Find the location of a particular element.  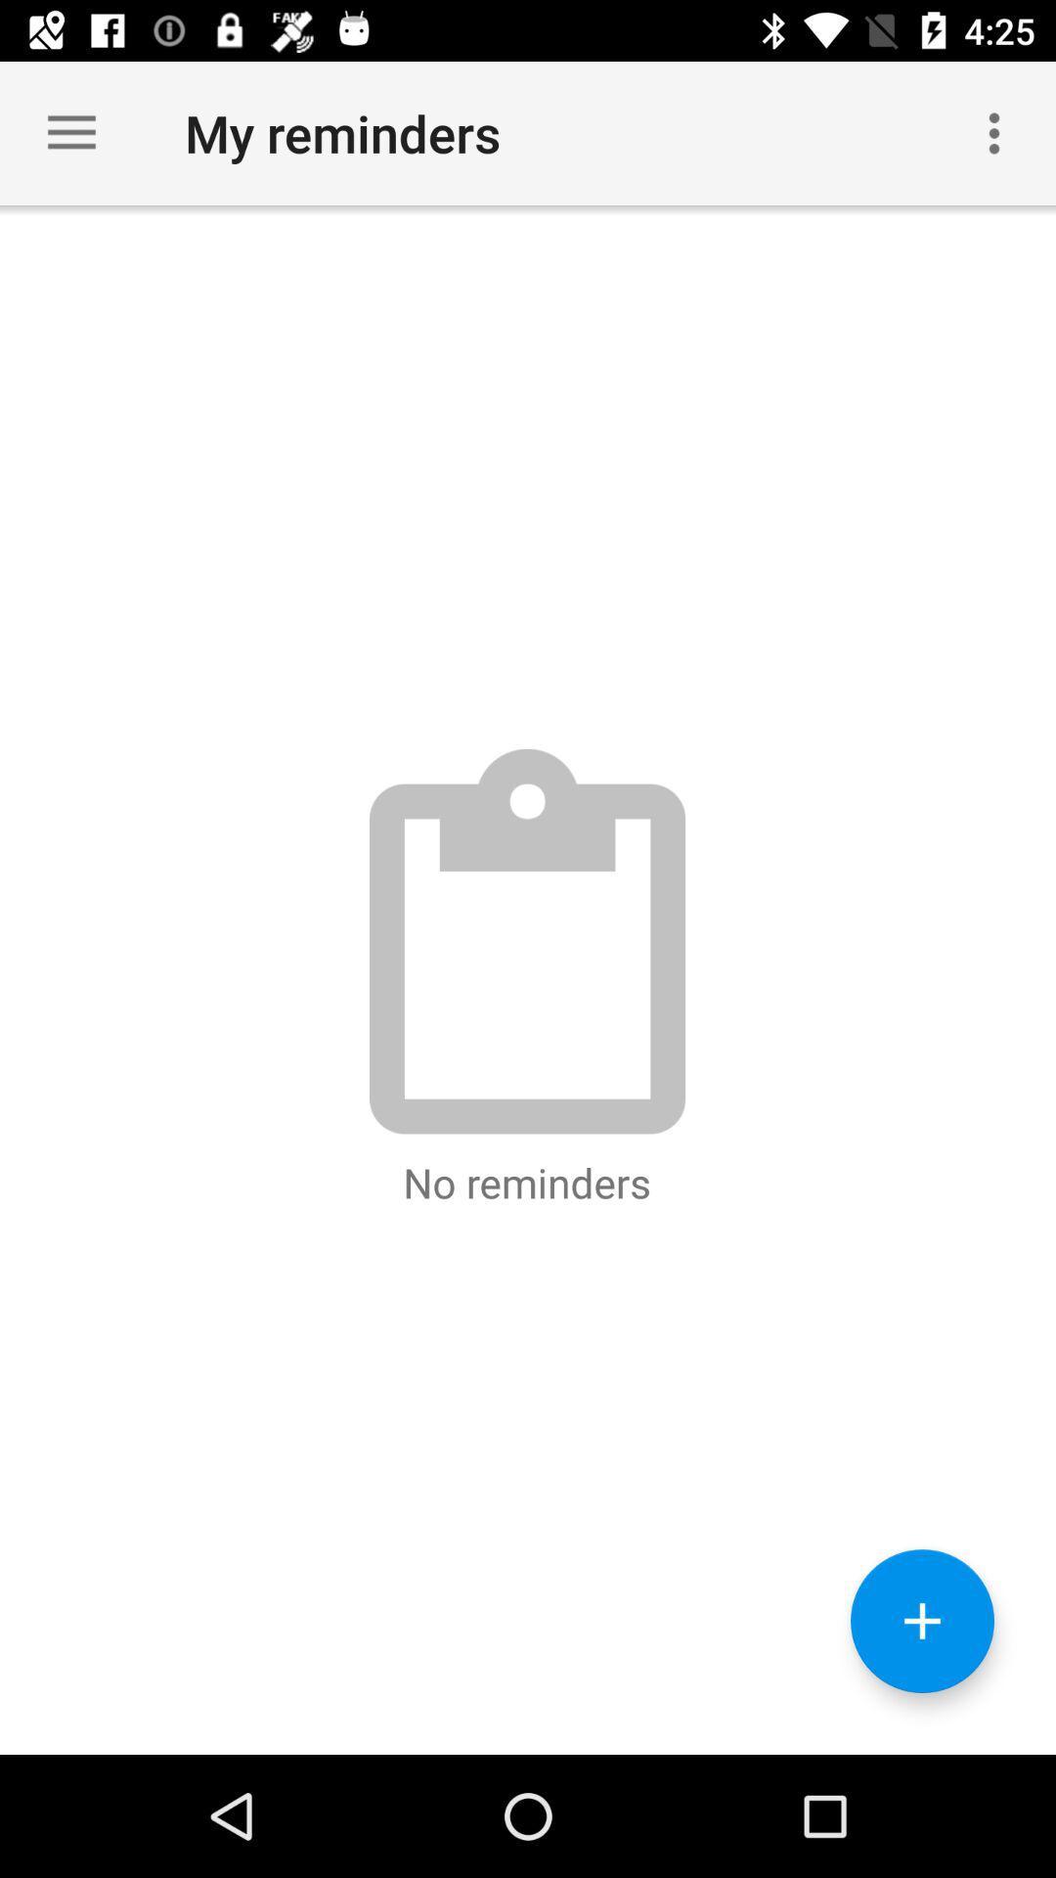

item at the bottom right corner is located at coordinates (922, 1621).